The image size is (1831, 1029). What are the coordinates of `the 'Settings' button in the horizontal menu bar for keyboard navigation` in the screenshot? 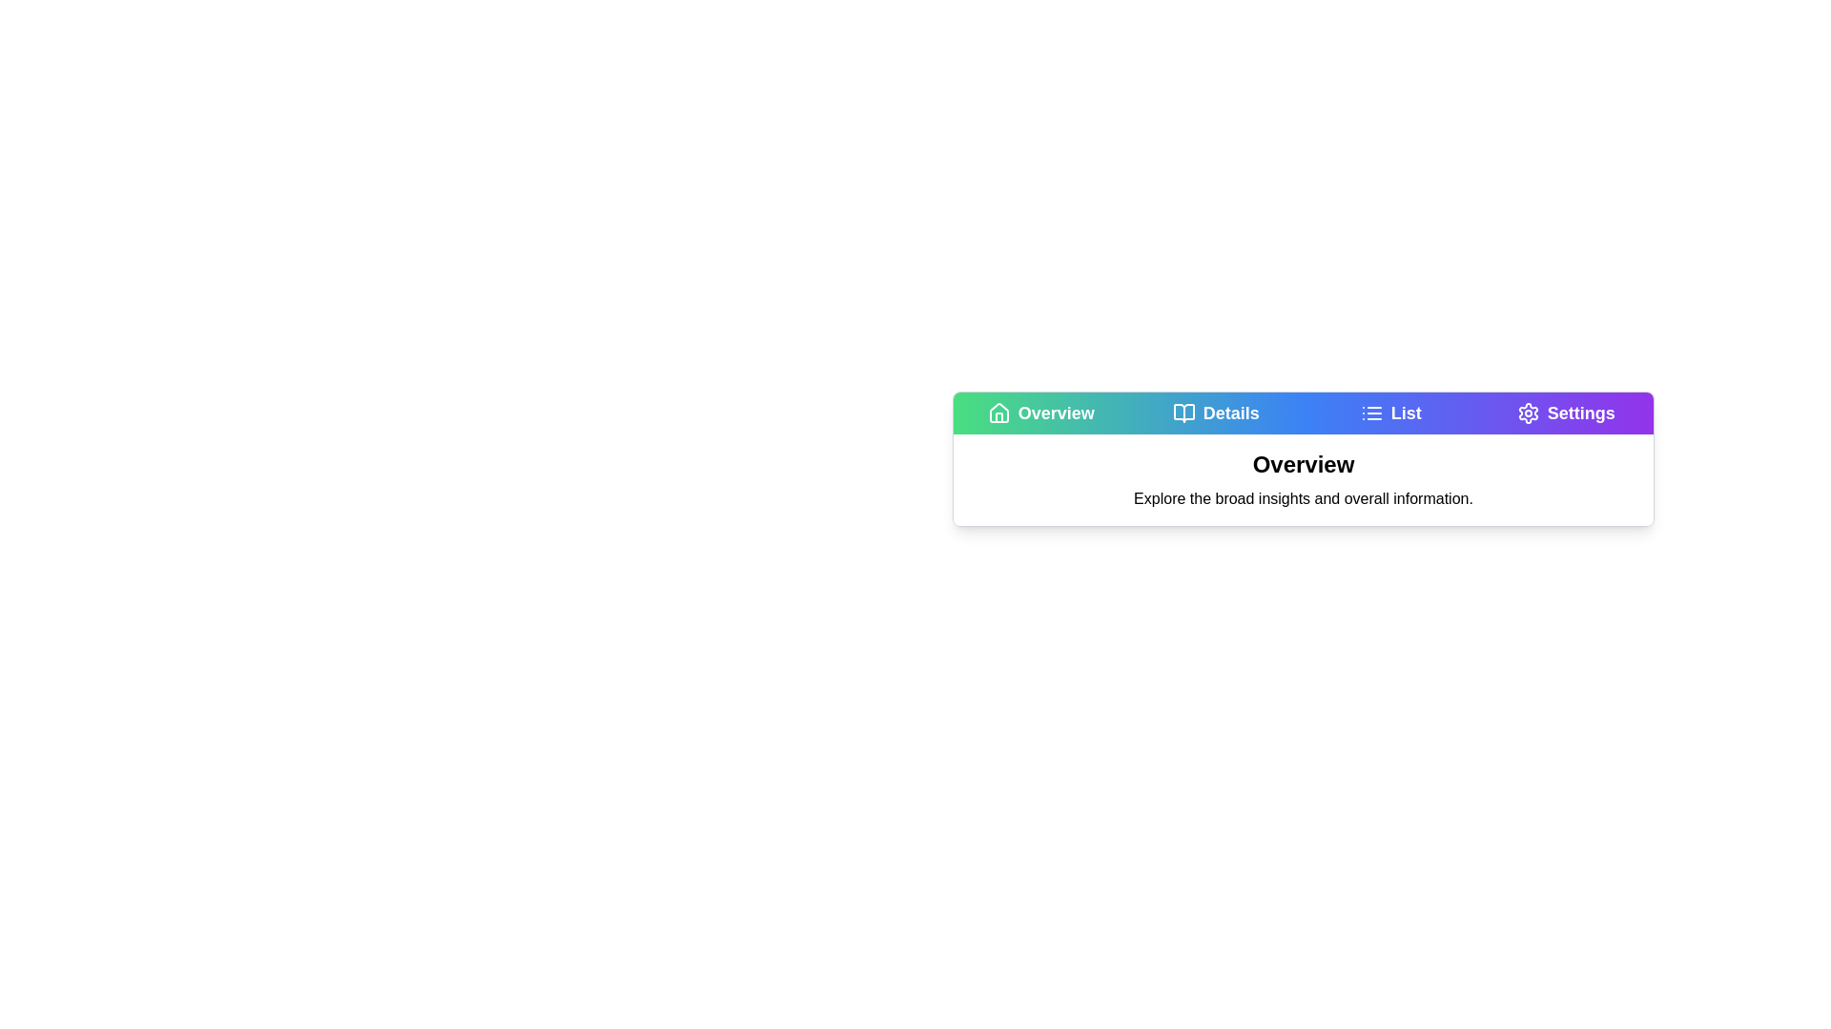 It's located at (1566, 413).